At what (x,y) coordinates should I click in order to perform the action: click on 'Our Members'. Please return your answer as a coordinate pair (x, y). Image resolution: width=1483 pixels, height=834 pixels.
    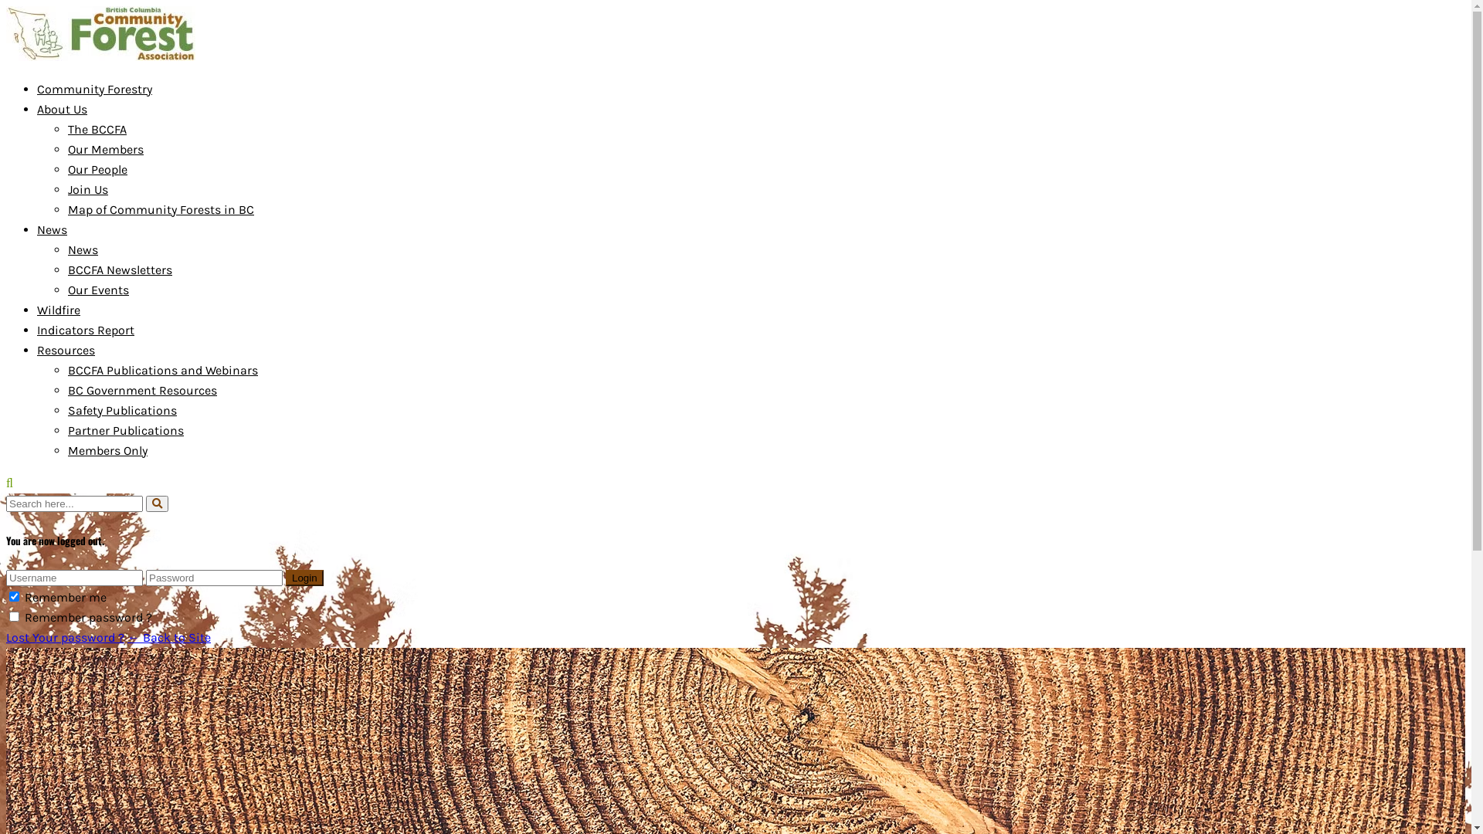
    Looking at the image, I should click on (105, 149).